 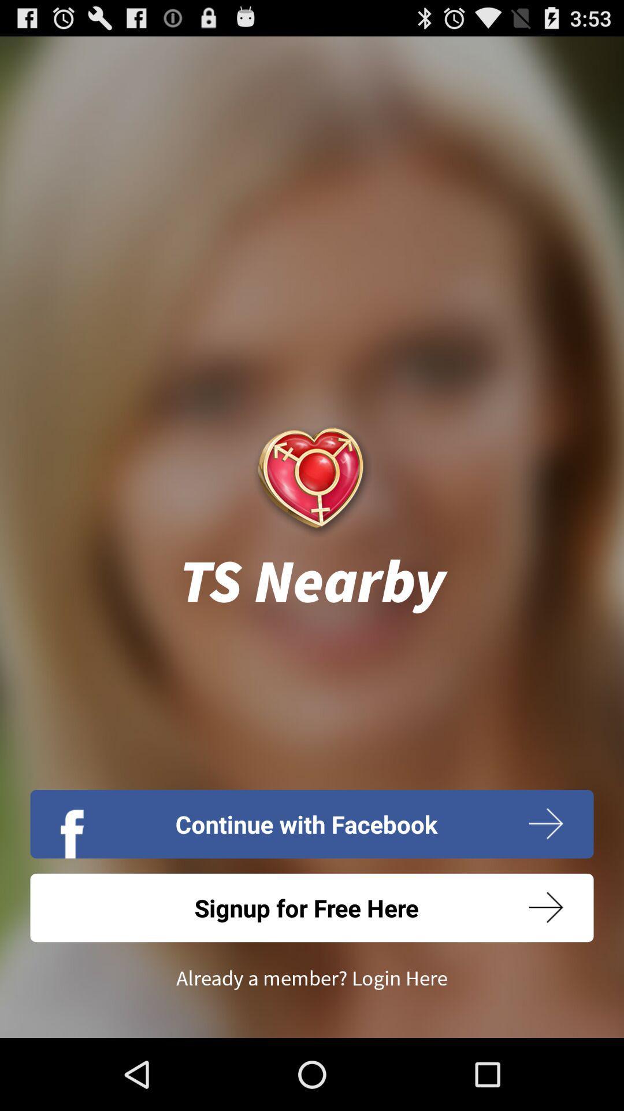 I want to click on the app above the already a member icon, so click(x=312, y=907).